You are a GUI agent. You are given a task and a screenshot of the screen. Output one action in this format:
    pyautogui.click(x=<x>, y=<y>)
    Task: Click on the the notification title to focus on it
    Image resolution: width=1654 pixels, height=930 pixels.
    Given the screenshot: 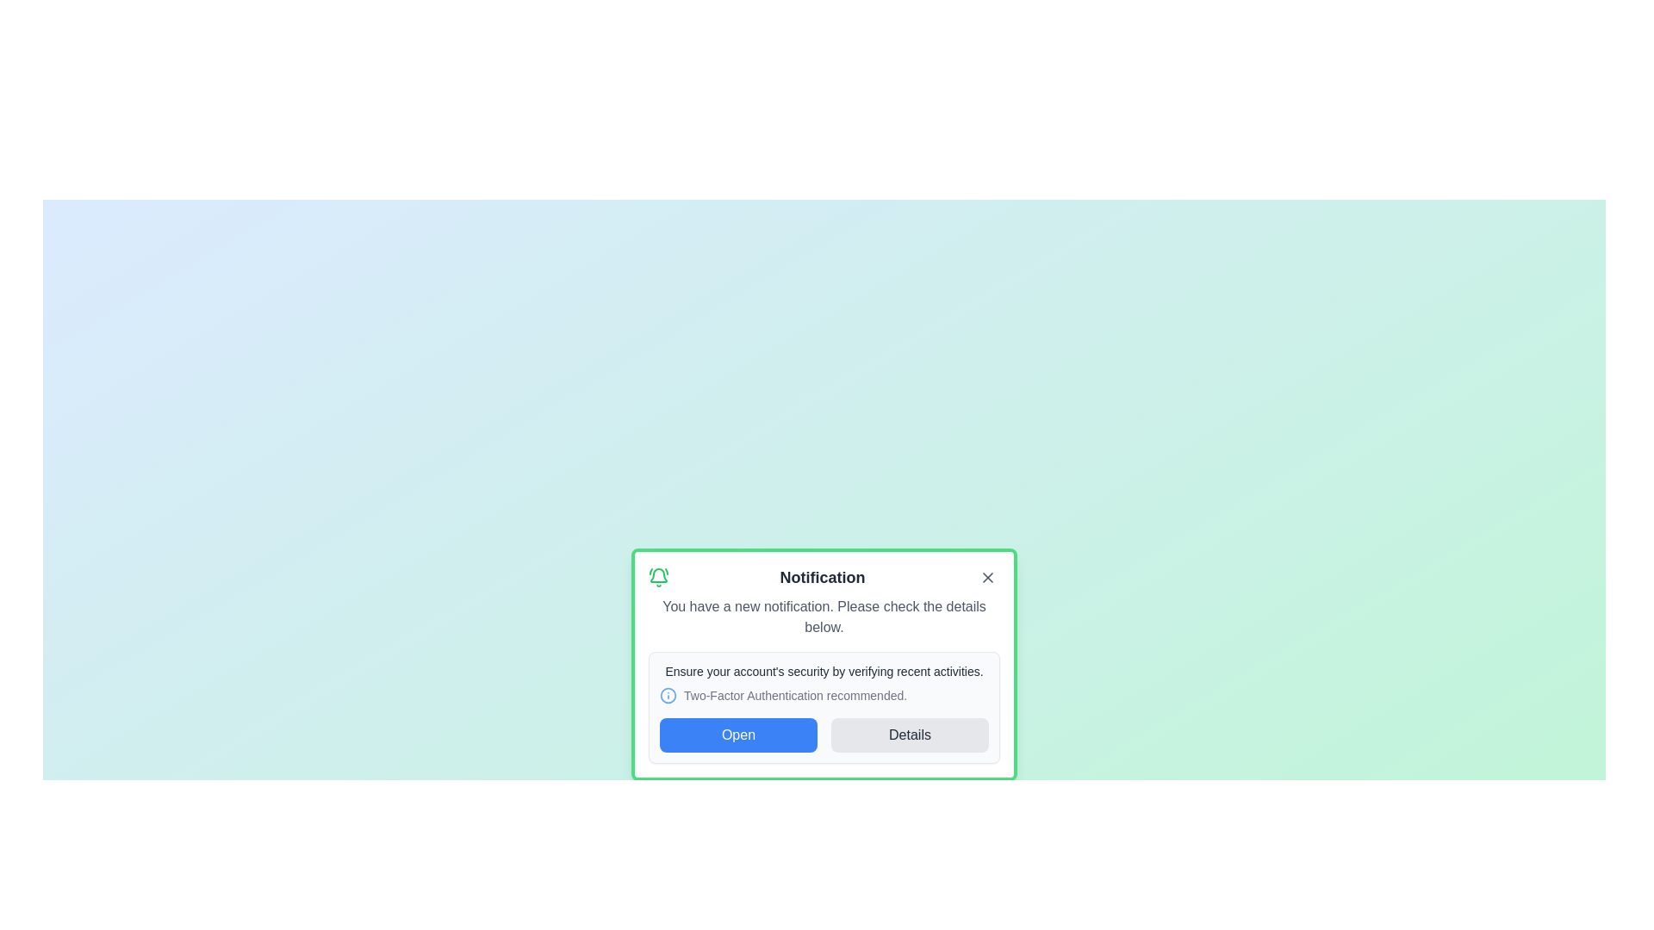 What is the action you would take?
    pyautogui.click(x=823, y=578)
    